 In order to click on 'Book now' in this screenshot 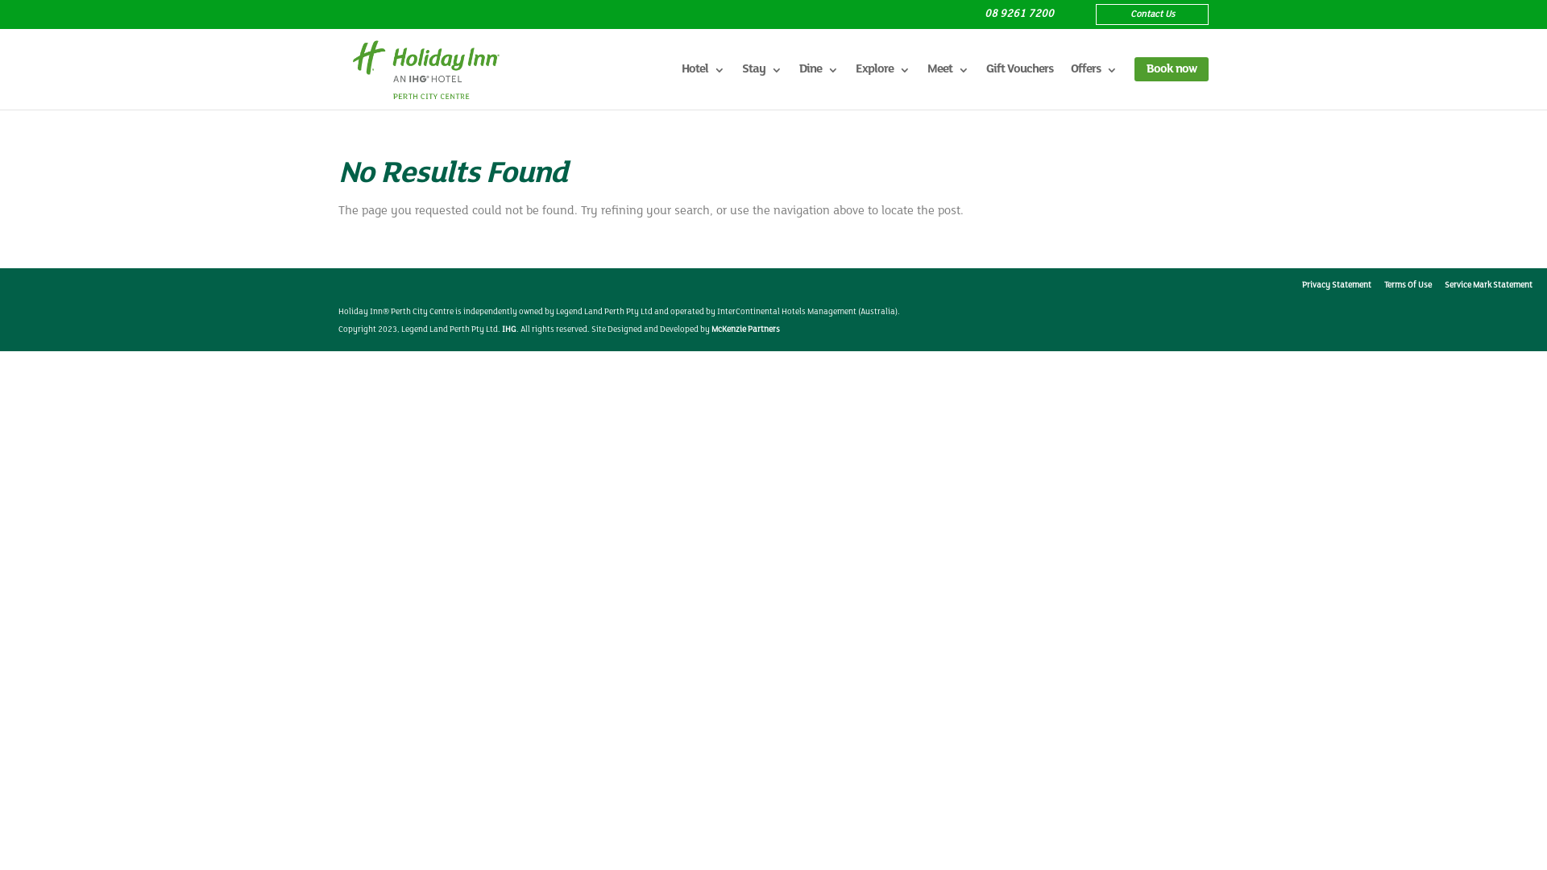, I will do `click(1172, 68)`.